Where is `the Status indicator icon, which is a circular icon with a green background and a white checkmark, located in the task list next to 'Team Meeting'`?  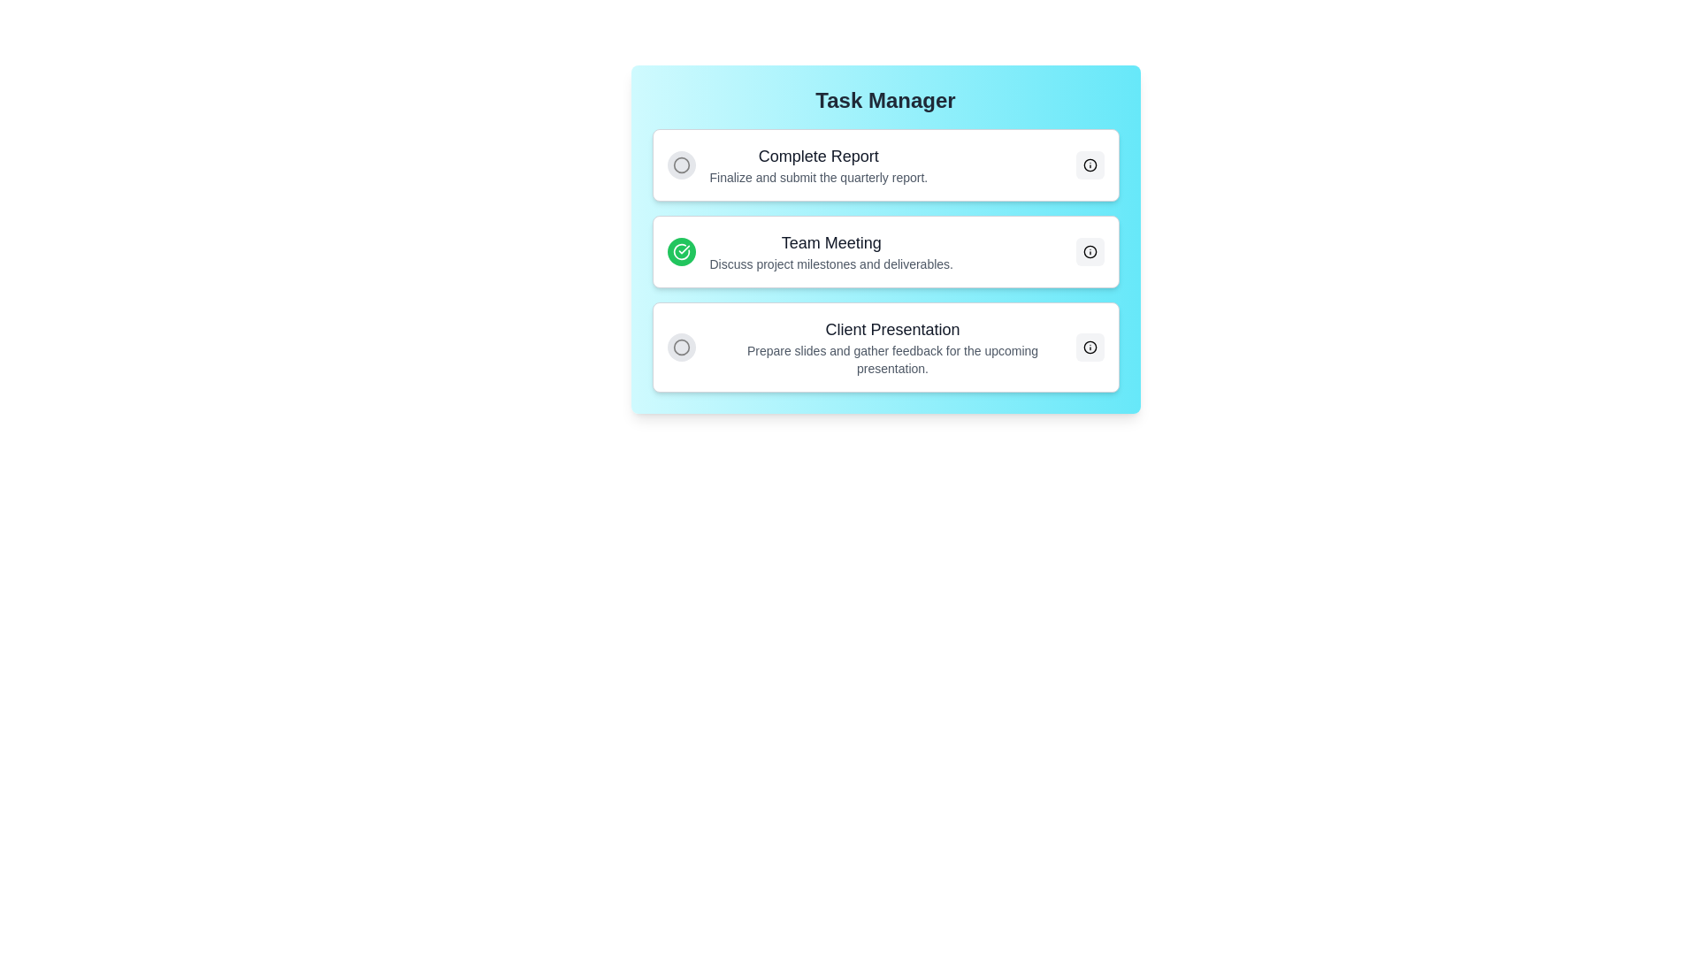
the Status indicator icon, which is a circular icon with a green background and a white checkmark, located in the task list next to 'Team Meeting' is located at coordinates (680, 252).